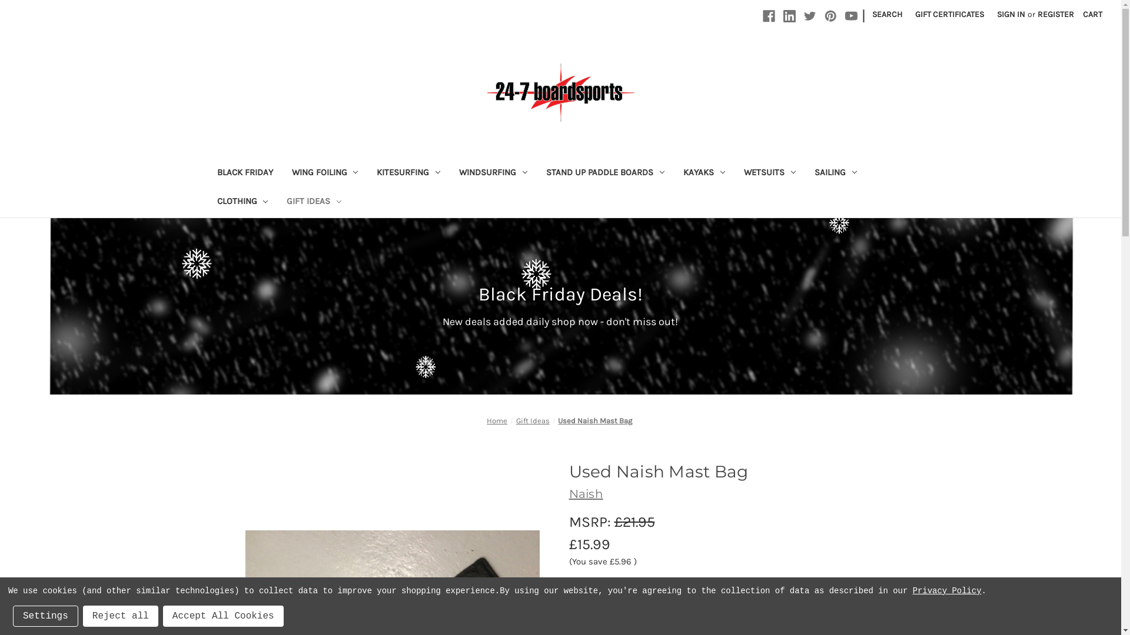  Describe the element at coordinates (769, 16) in the screenshot. I see `'Facebook'` at that location.